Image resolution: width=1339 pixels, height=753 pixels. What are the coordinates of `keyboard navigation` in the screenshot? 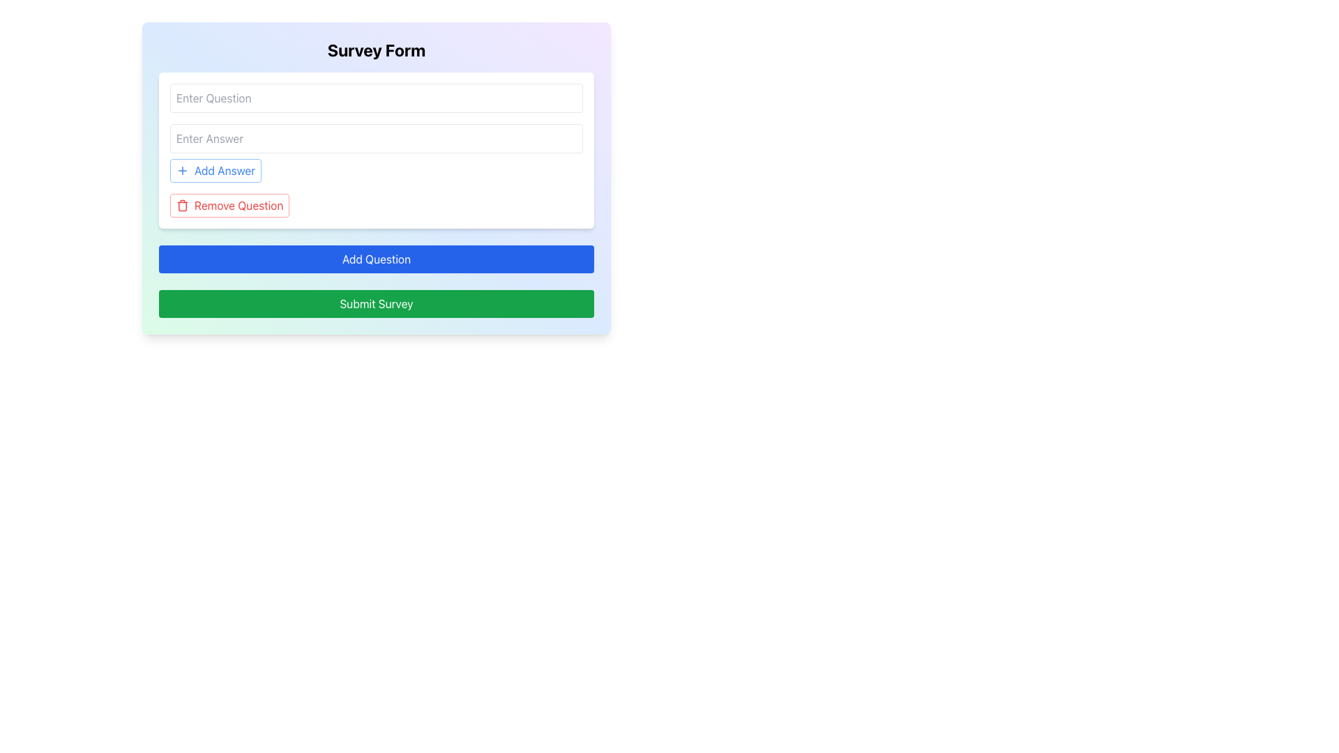 It's located at (239, 205).